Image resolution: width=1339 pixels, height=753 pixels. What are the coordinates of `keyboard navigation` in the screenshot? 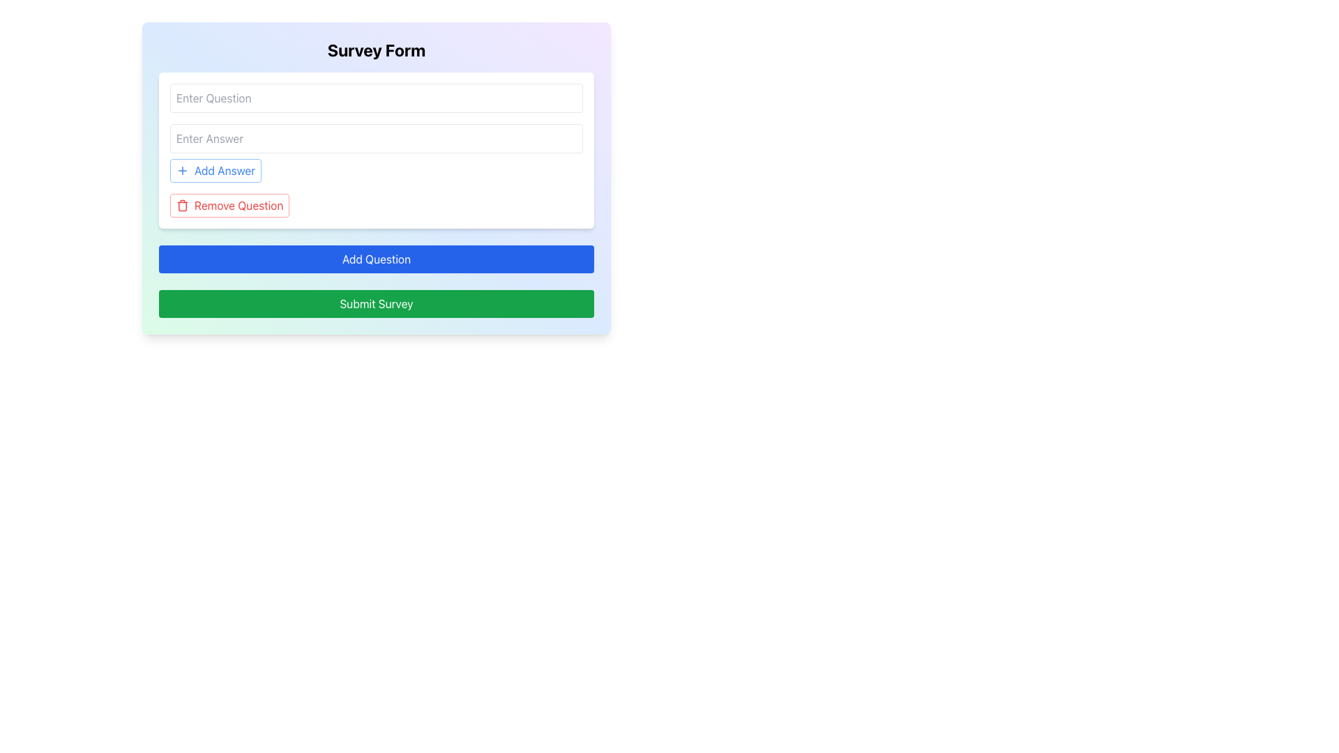 It's located at (239, 205).